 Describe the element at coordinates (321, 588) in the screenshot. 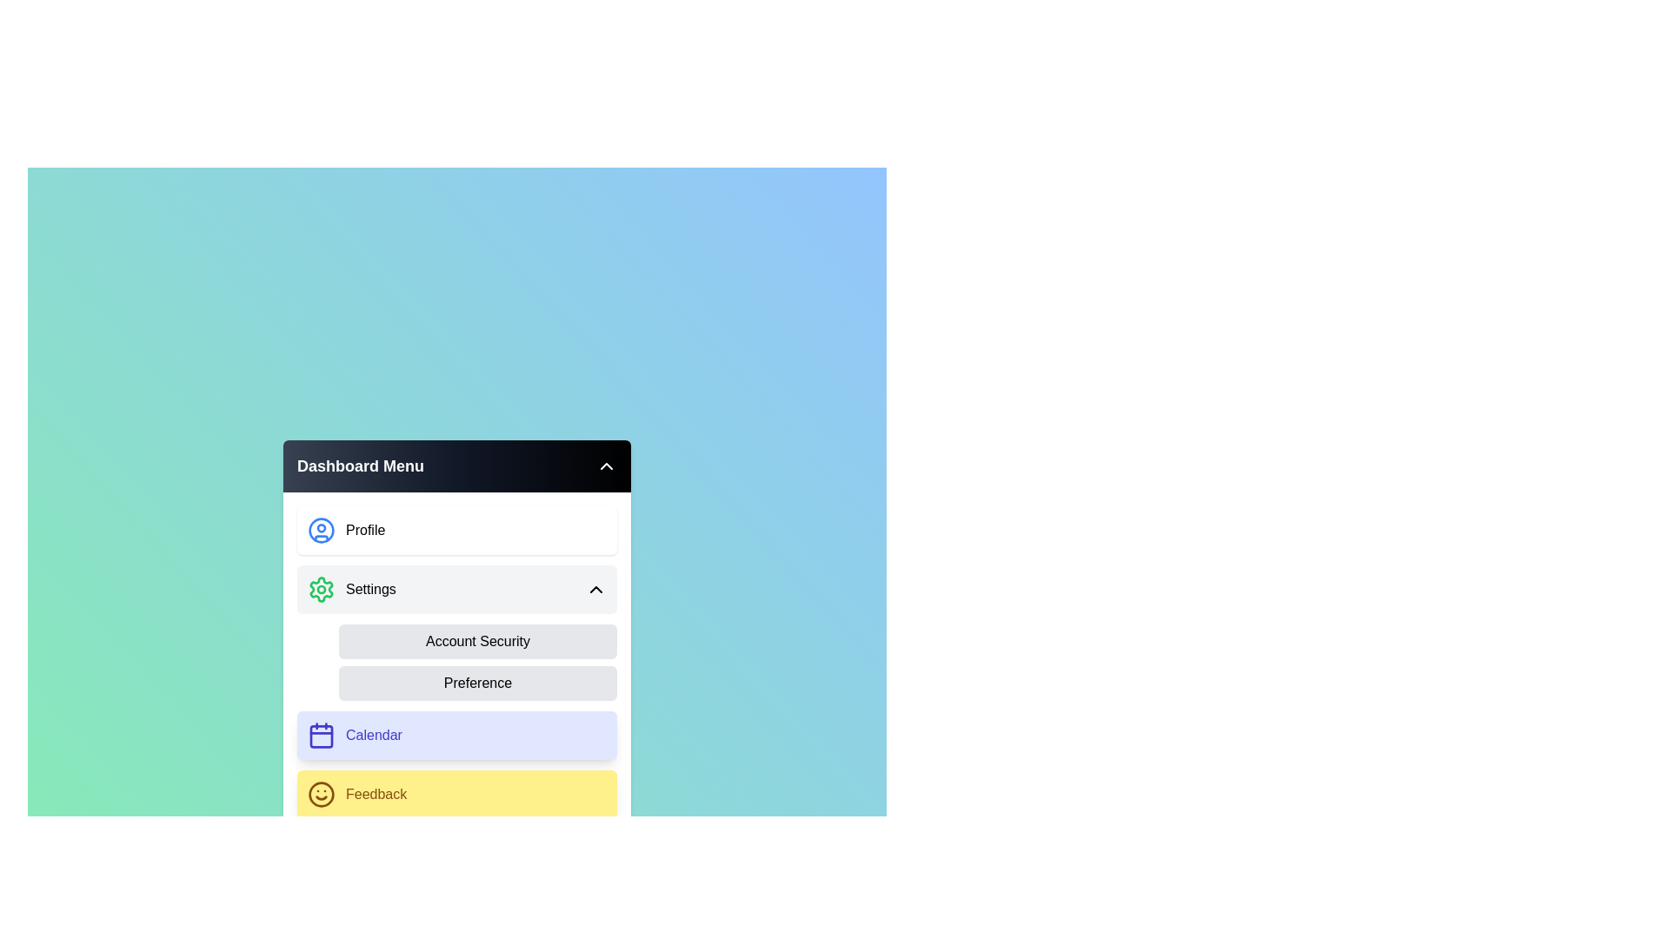

I see `the 'Settings' Icon located in the menu area, specifically to the left of the 'Settings' label` at that location.